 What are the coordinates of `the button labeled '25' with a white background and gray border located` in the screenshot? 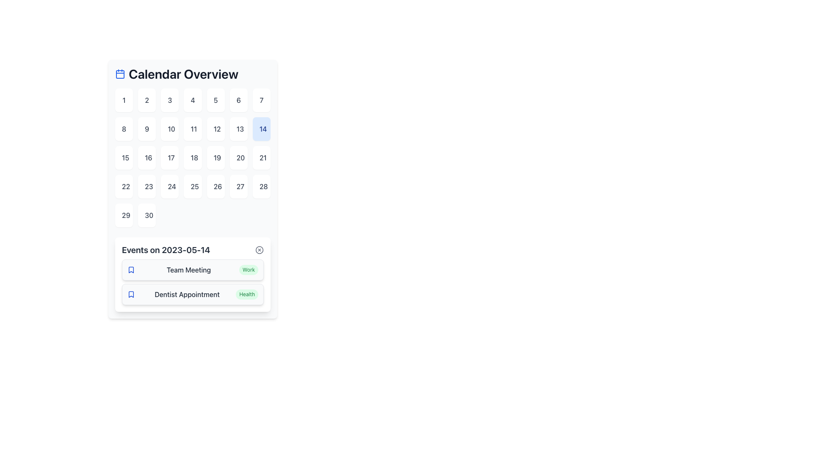 It's located at (192, 186).